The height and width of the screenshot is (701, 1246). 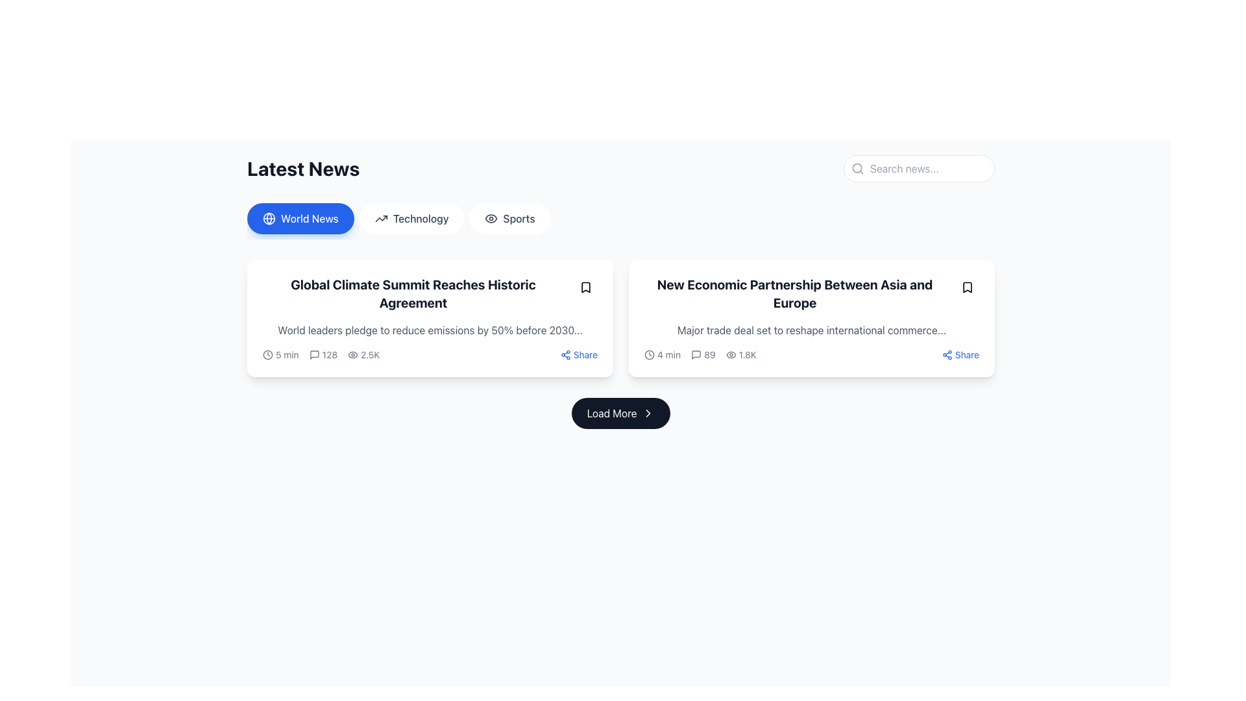 I want to click on the text input field located at the top-right corner of the 'Latest News' section, so click(x=918, y=167).